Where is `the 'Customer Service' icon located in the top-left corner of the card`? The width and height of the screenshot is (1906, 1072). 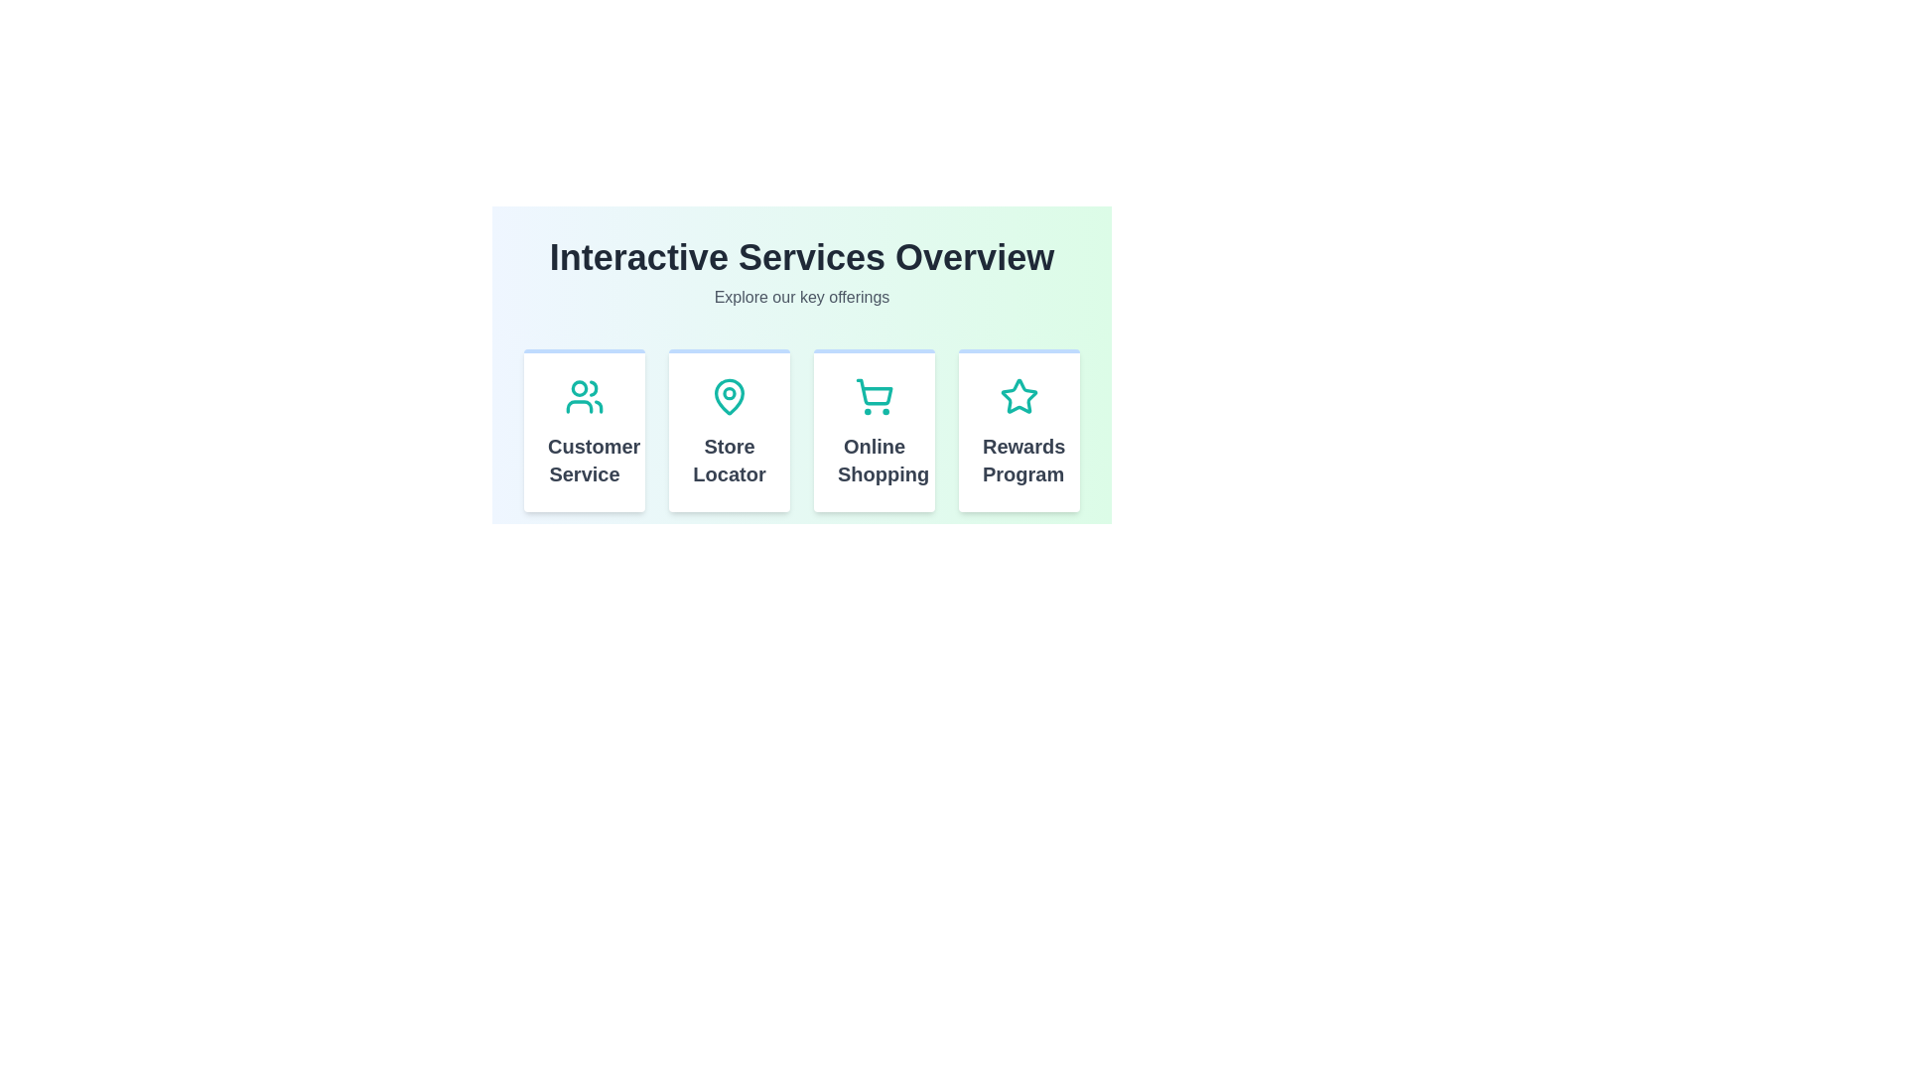 the 'Customer Service' icon located in the top-left corner of the card is located at coordinates (584, 397).